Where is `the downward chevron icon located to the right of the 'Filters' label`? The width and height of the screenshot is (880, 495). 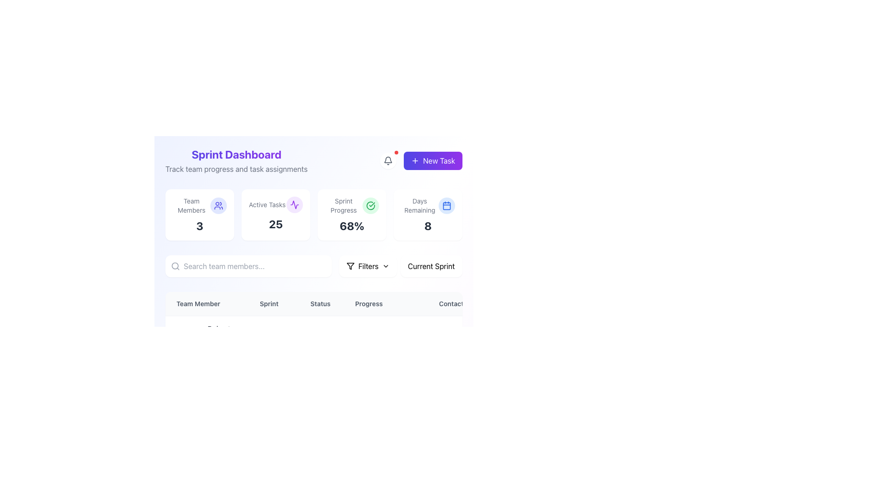
the downward chevron icon located to the right of the 'Filters' label is located at coordinates (385, 266).